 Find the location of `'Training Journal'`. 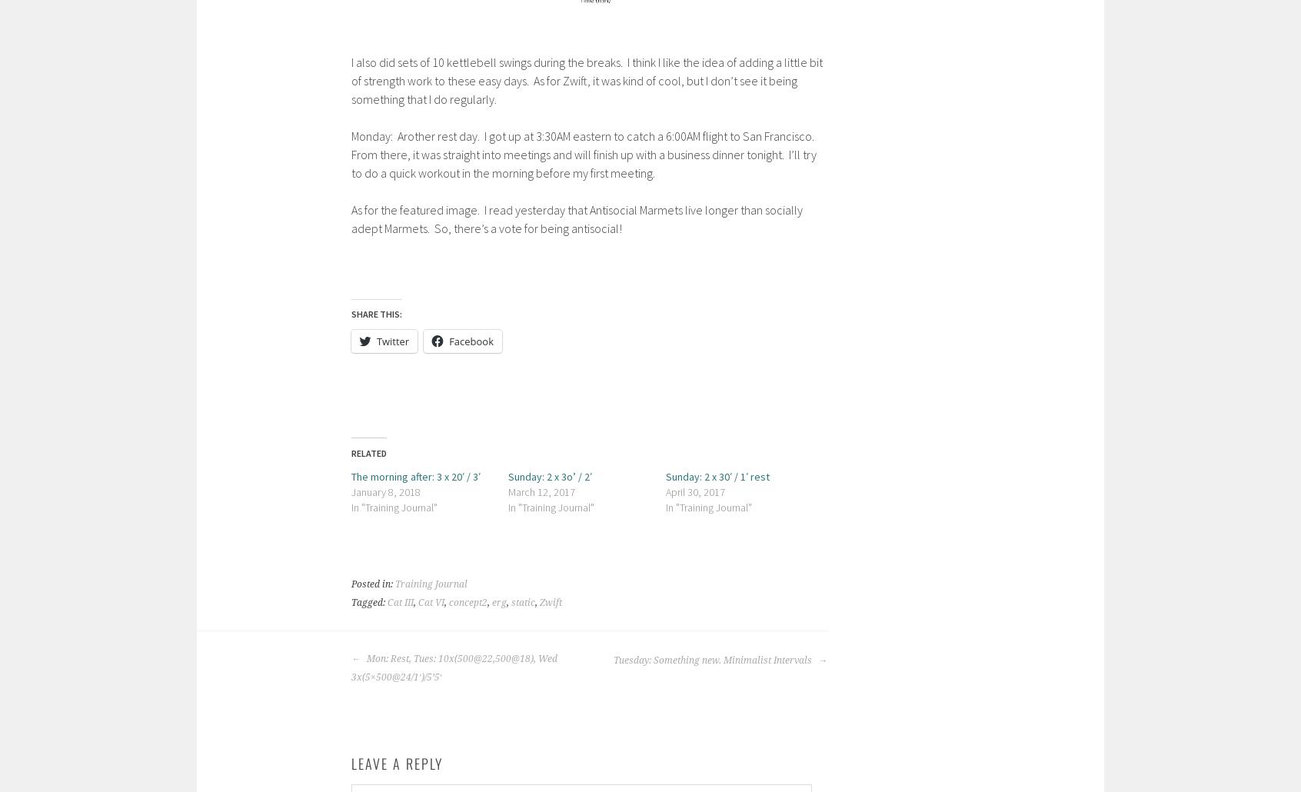

'Training Journal' is located at coordinates (431, 584).